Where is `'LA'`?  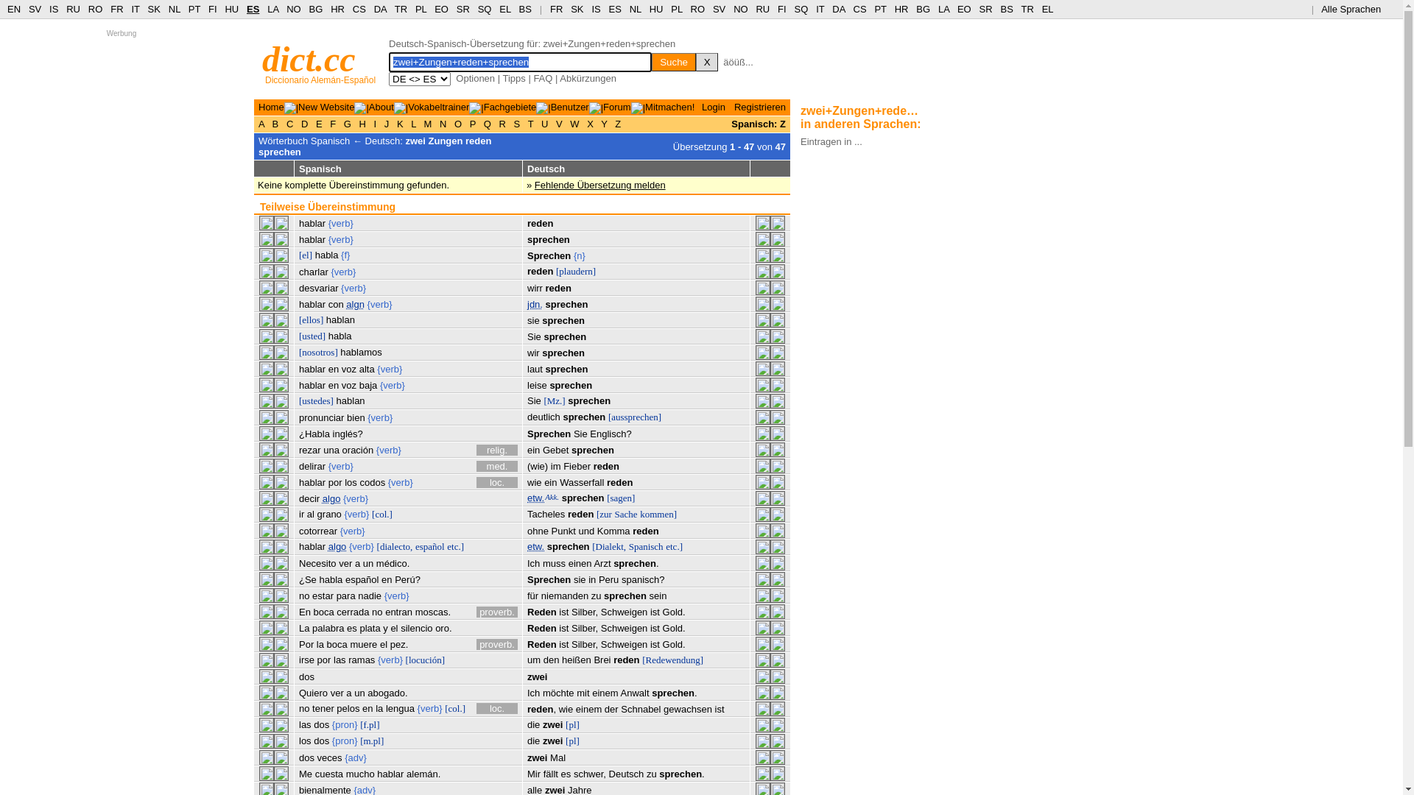 'LA' is located at coordinates (943, 9).